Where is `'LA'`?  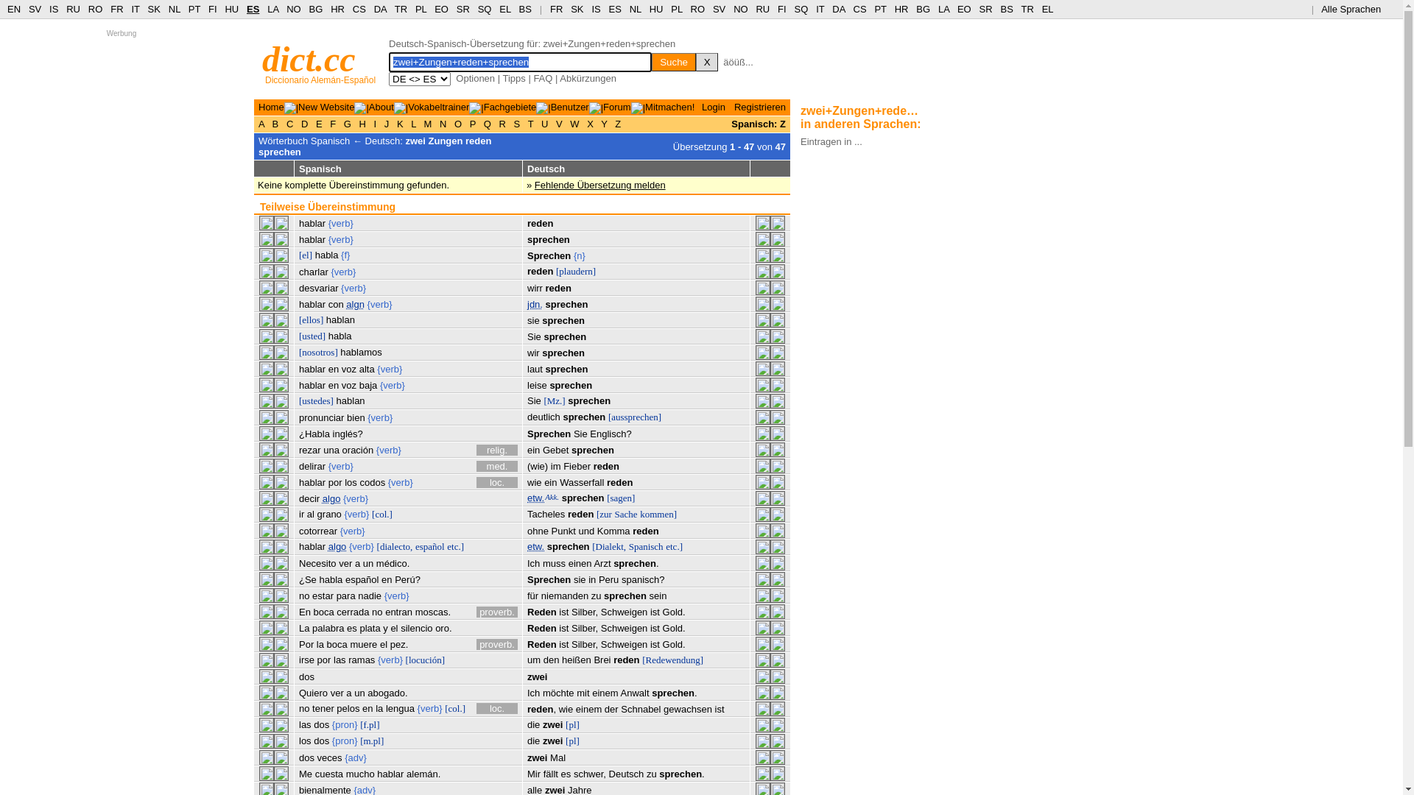 'LA' is located at coordinates (943, 9).